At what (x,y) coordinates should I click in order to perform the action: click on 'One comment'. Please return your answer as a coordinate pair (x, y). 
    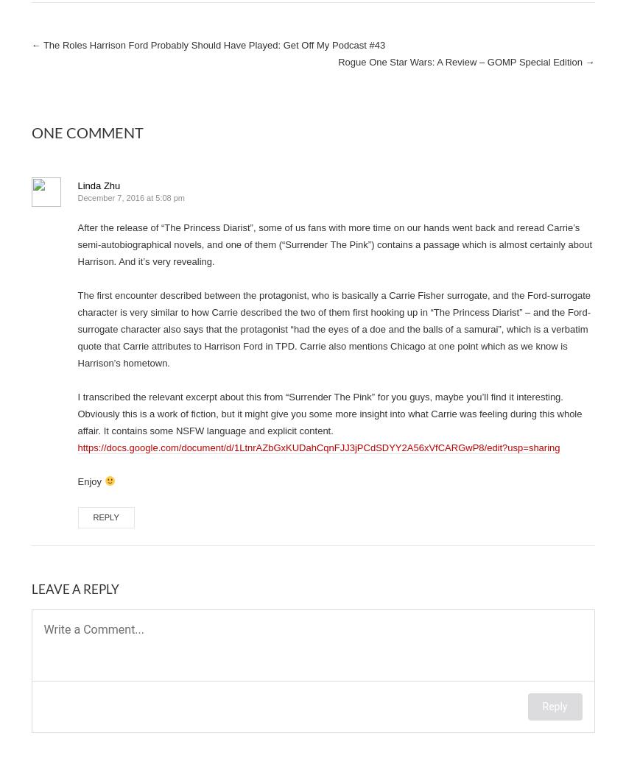
    Looking at the image, I should click on (29, 131).